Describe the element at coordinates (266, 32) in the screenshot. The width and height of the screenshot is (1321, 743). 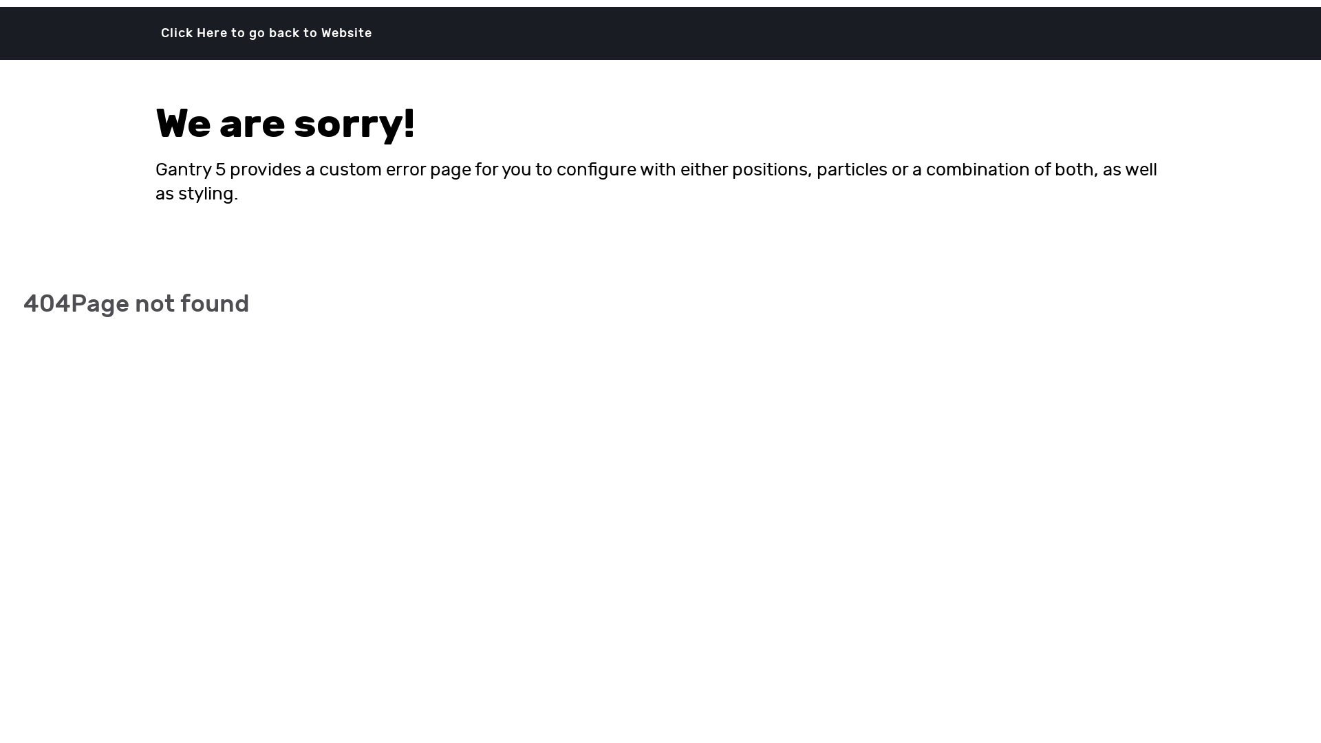
I see `'Click Here to go back to Website'` at that location.